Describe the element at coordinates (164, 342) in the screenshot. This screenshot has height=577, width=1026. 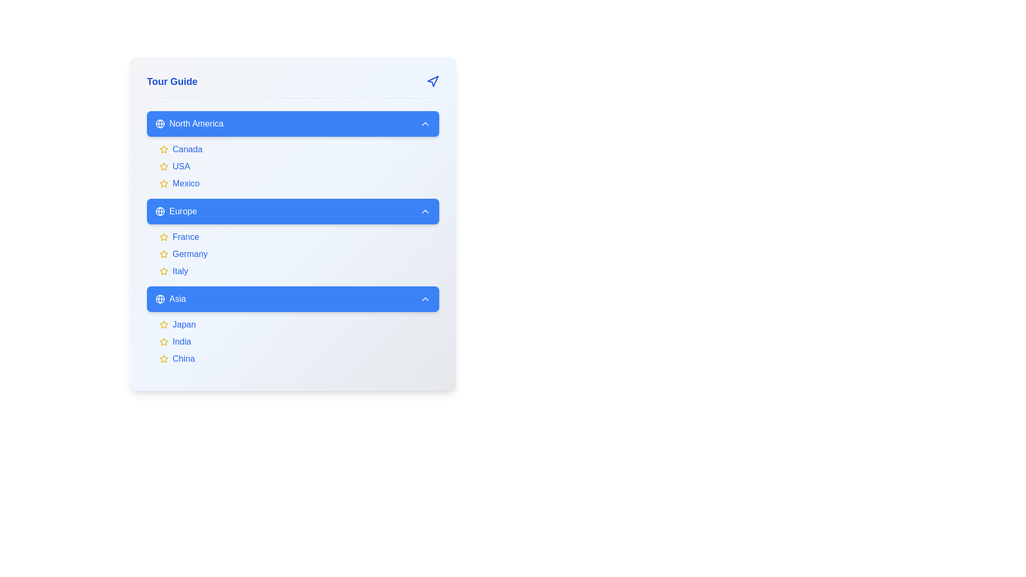
I see `the yellow star-shaped icon adjacent to the text label 'India'` at that location.